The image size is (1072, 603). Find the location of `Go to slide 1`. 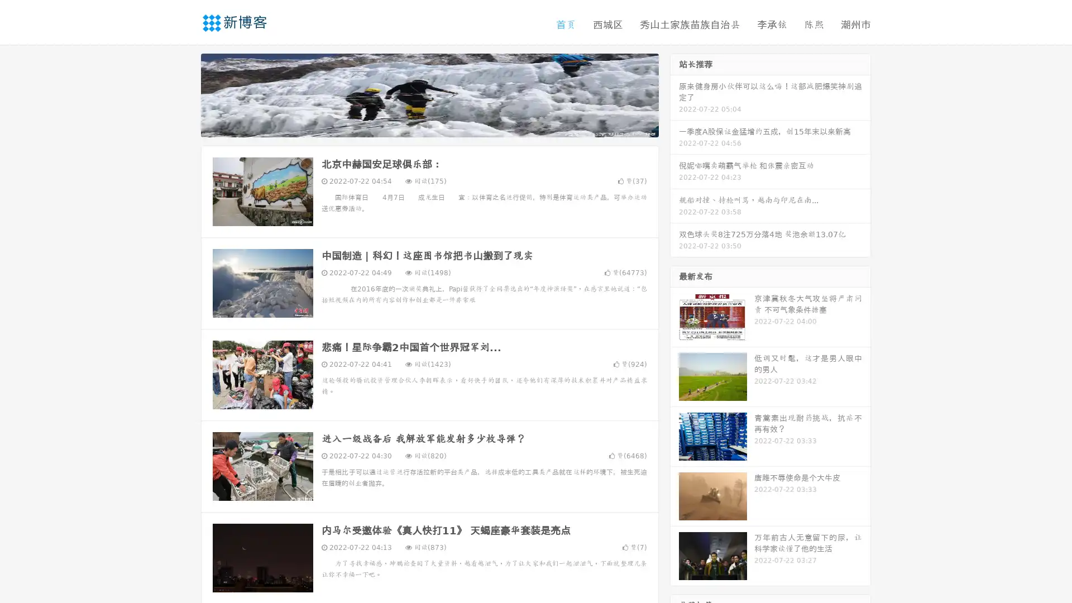

Go to slide 1 is located at coordinates (418, 126).